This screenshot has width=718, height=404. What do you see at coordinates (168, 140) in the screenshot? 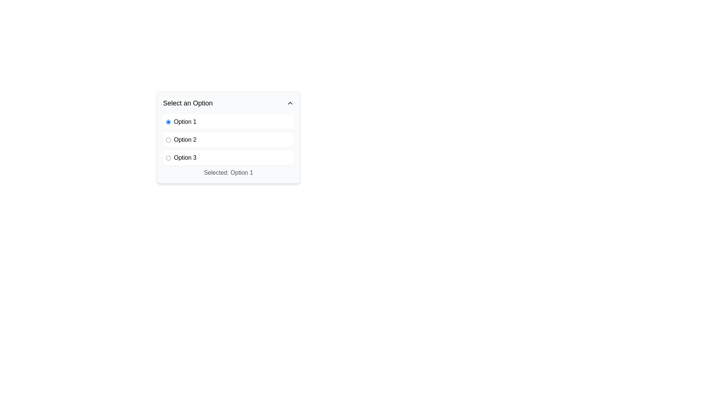
I see `the second radio button labeled 'Option 2' in the 'Select an Option' section` at bounding box center [168, 140].